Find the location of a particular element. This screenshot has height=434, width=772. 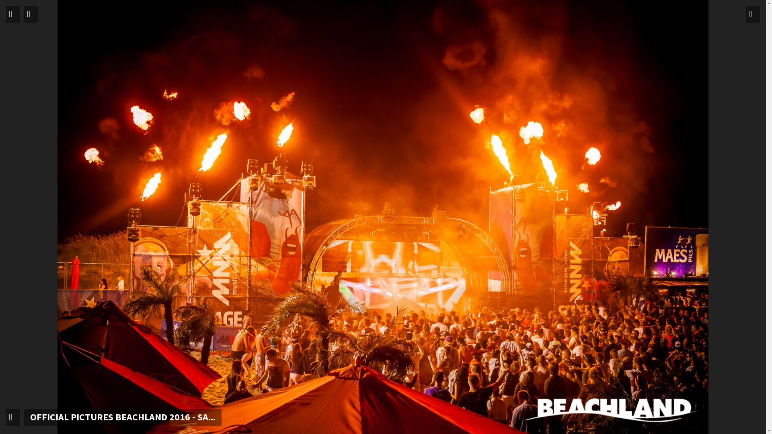

' ' is located at coordinates (752, 14).